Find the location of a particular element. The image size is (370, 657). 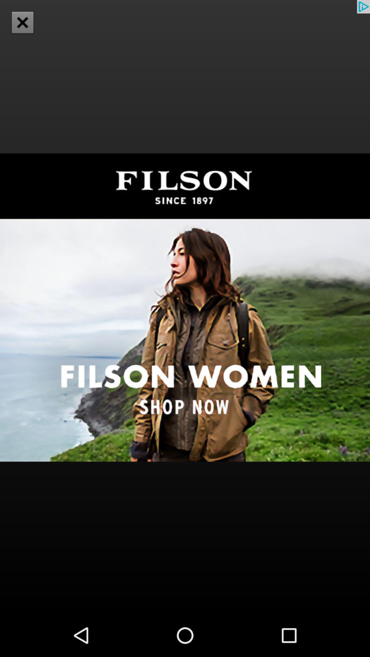

the close icon is located at coordinates (22, 24).